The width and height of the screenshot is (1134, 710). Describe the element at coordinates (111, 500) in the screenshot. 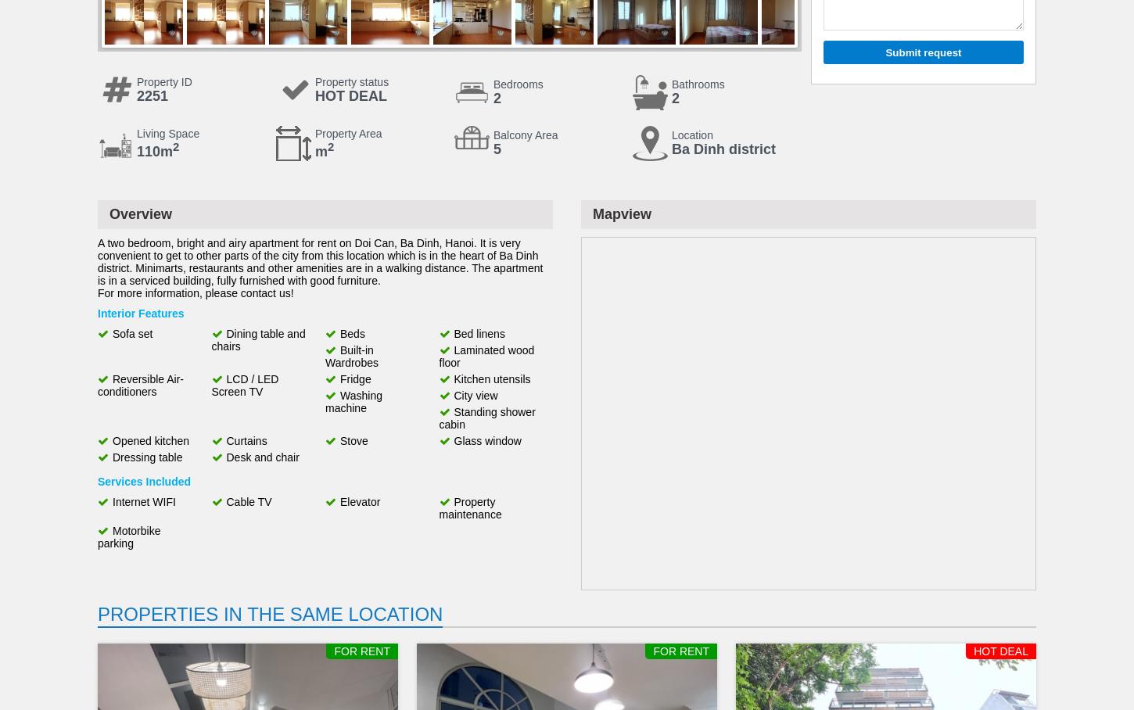

I see `'Internet WIFI'` at that location.